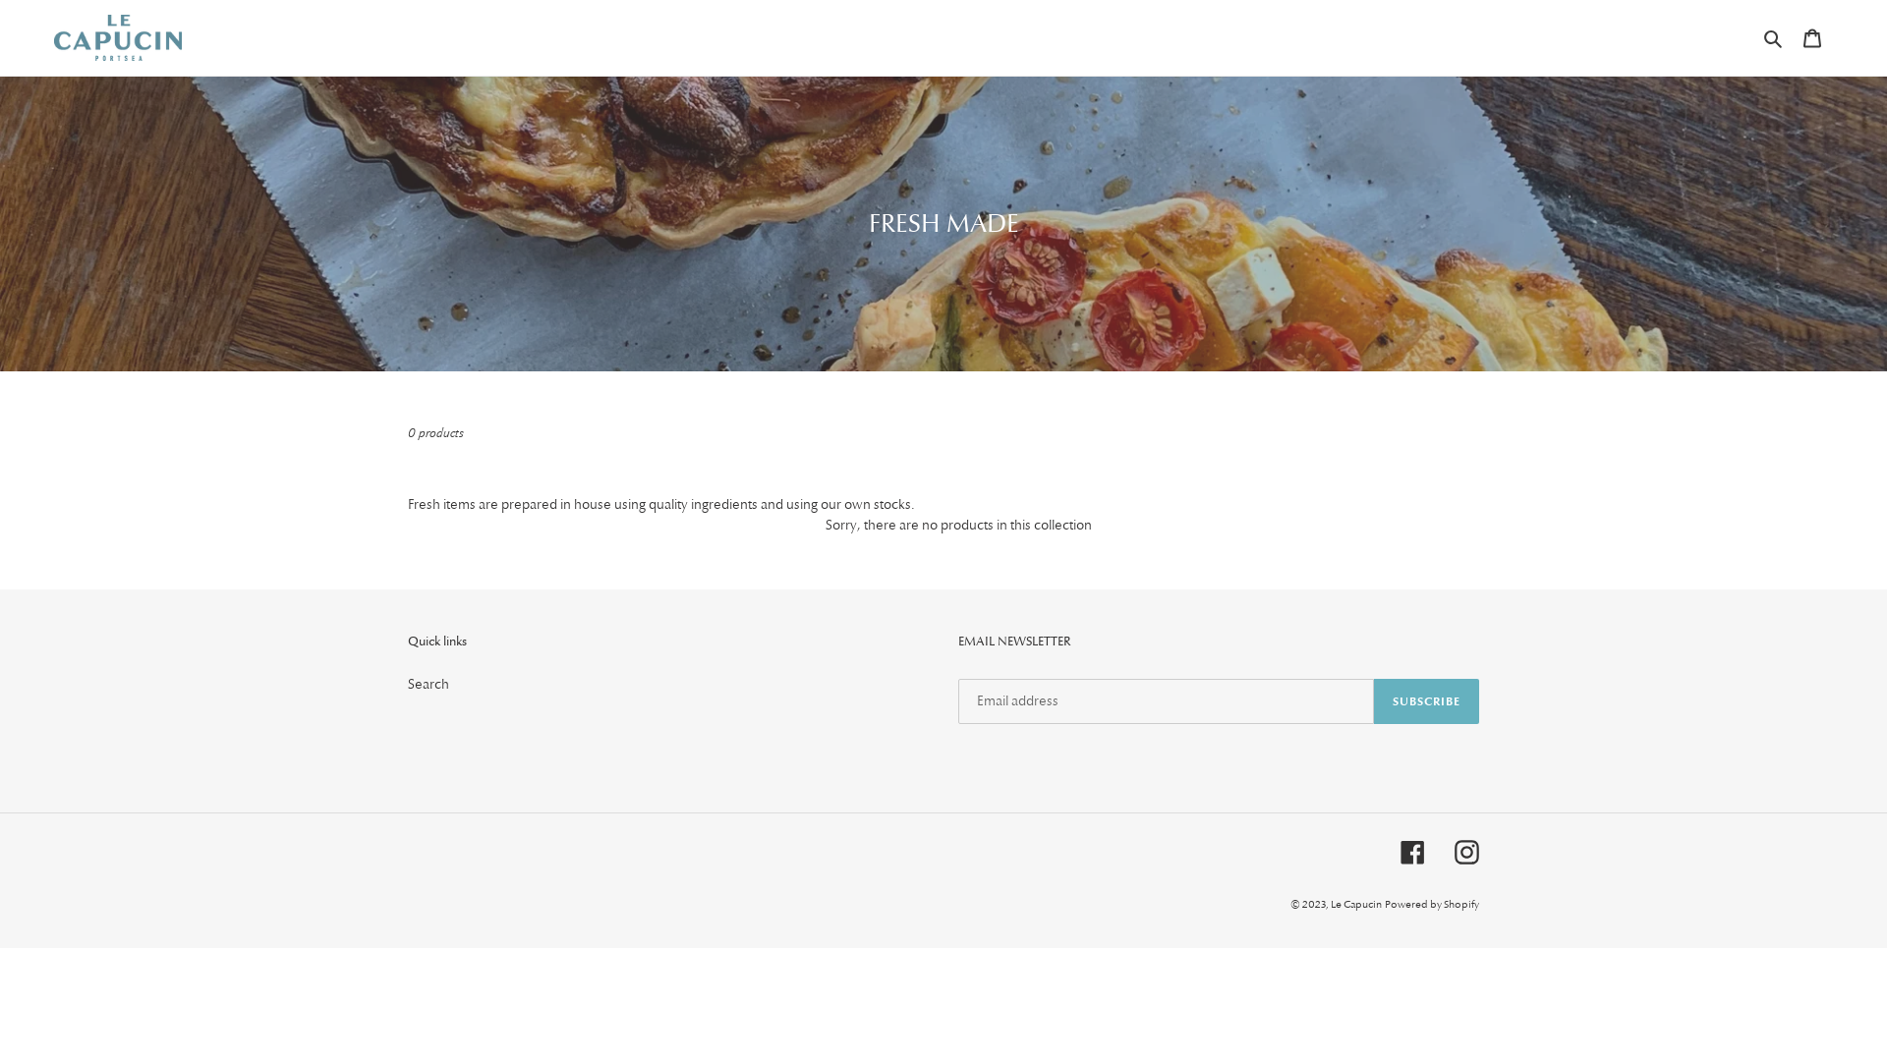 The width and height of the screenshot is (1887, 1061). Describe the element at coordinates (1774, 37) in the screenshot. I see `'Search'` at that location.